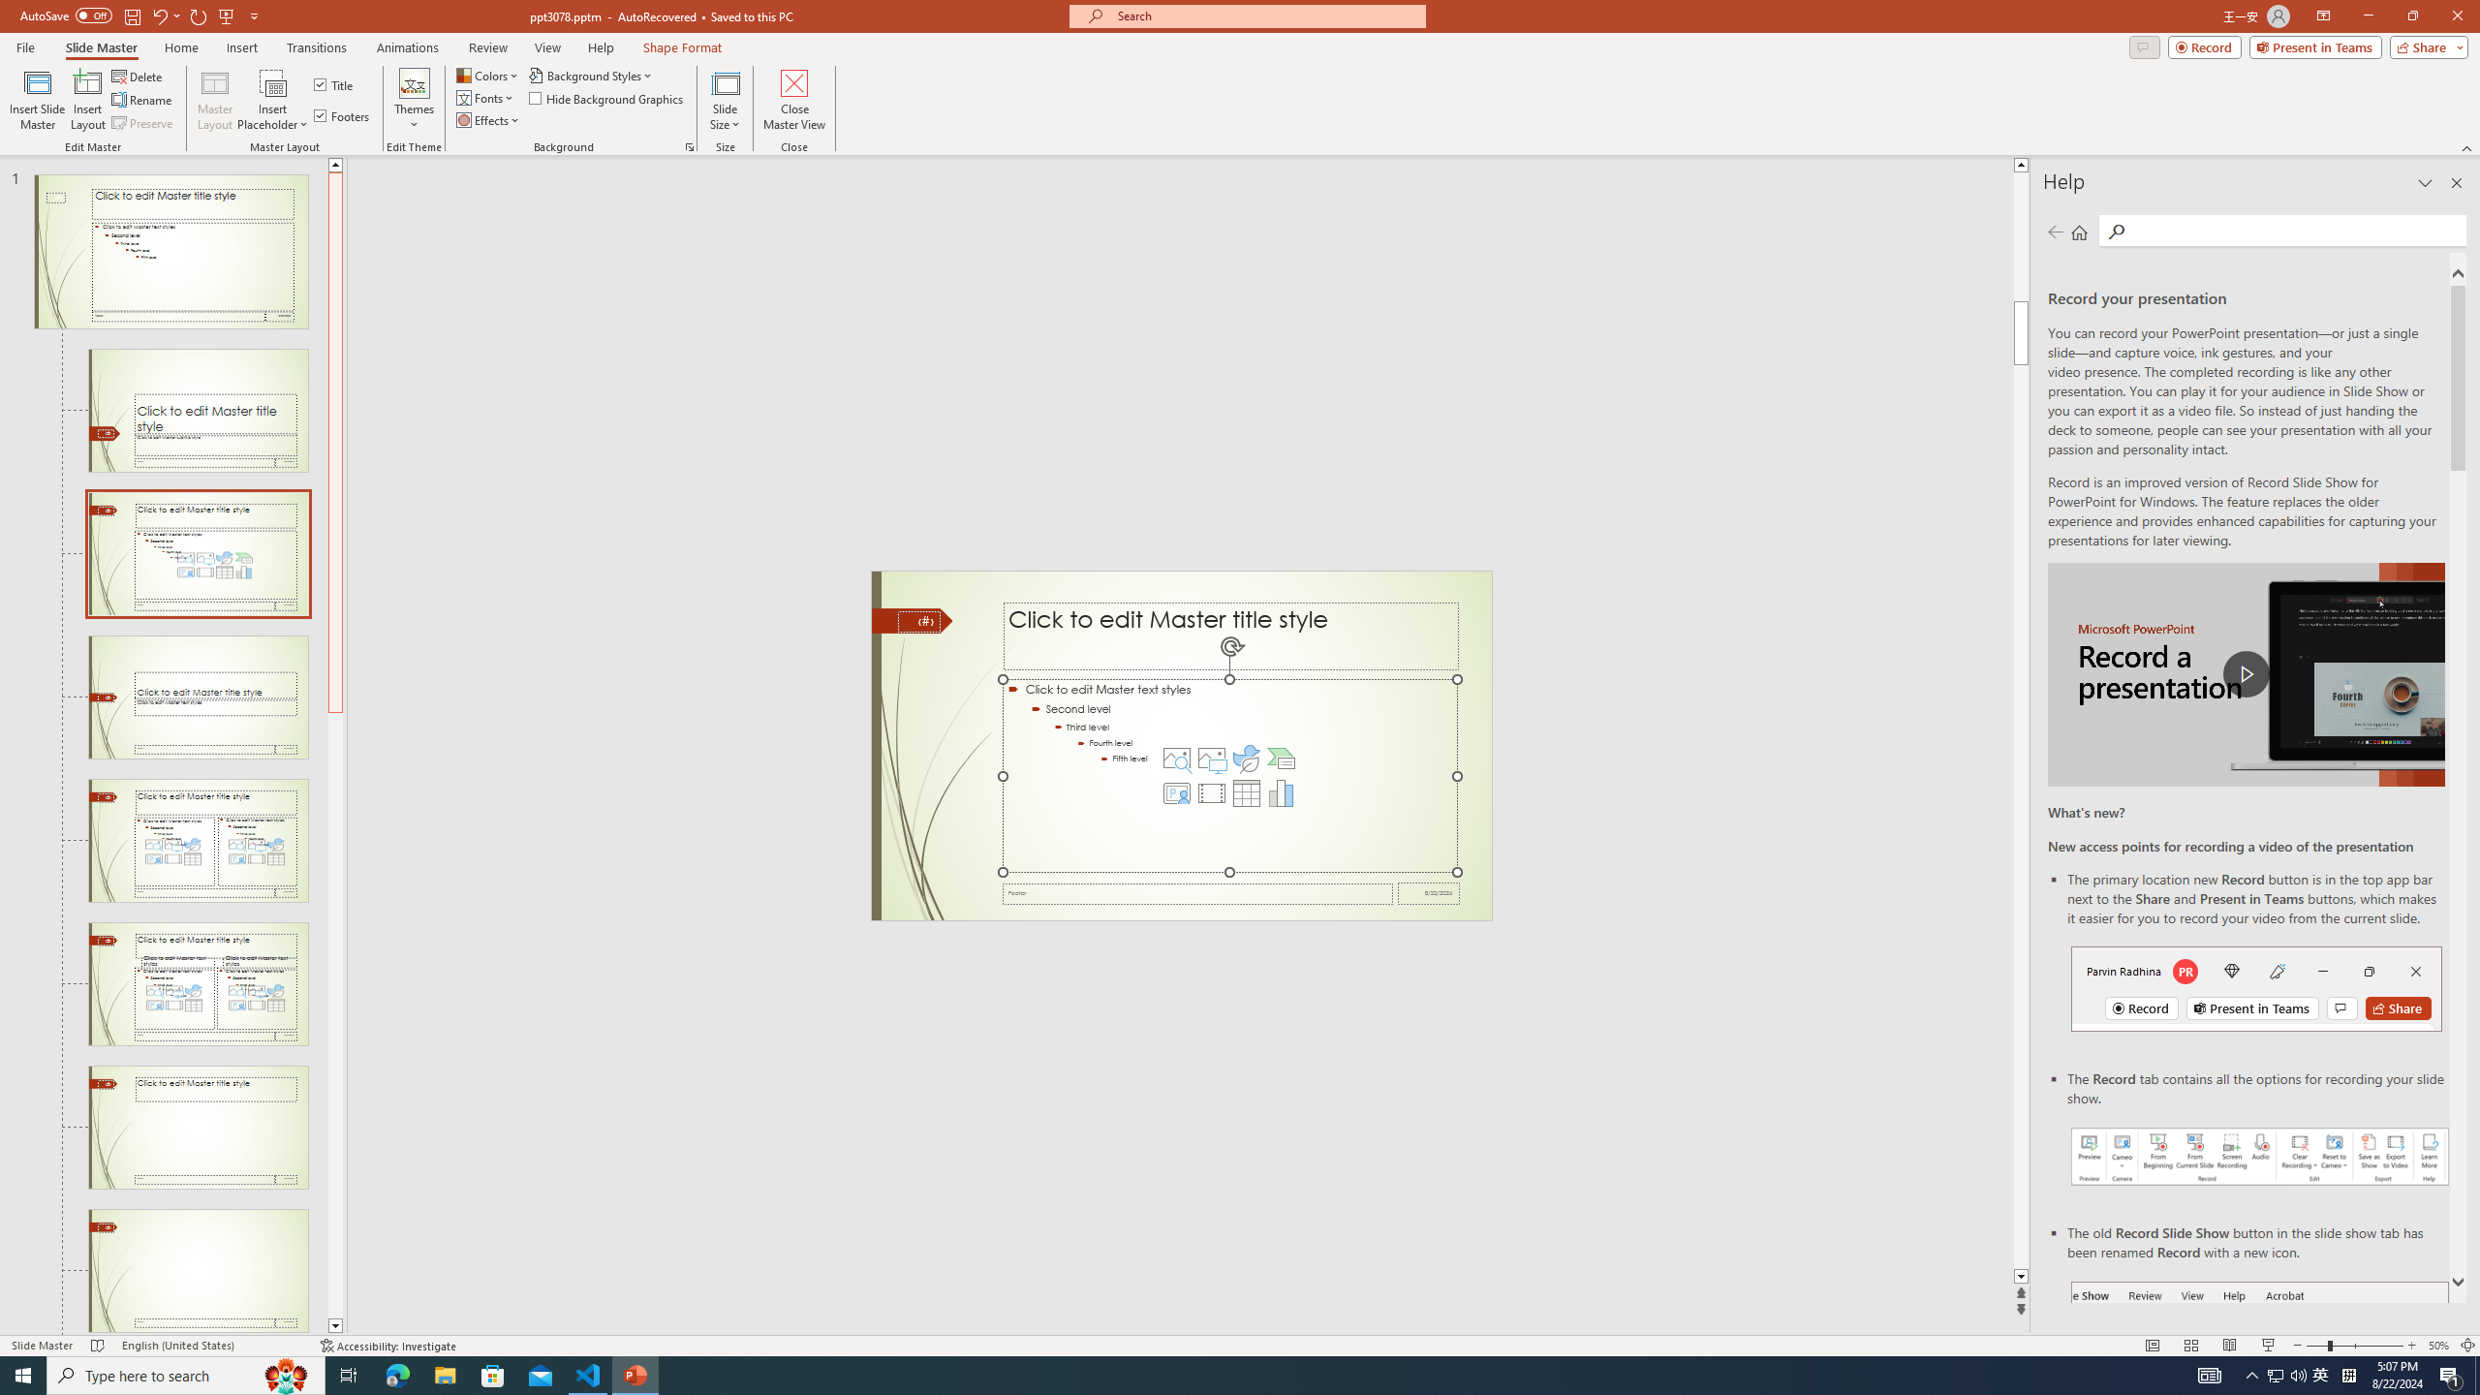  Describe the element at coordinates (1176, 793) in the screenshot. I see `'Insert Cameo'` at that location.